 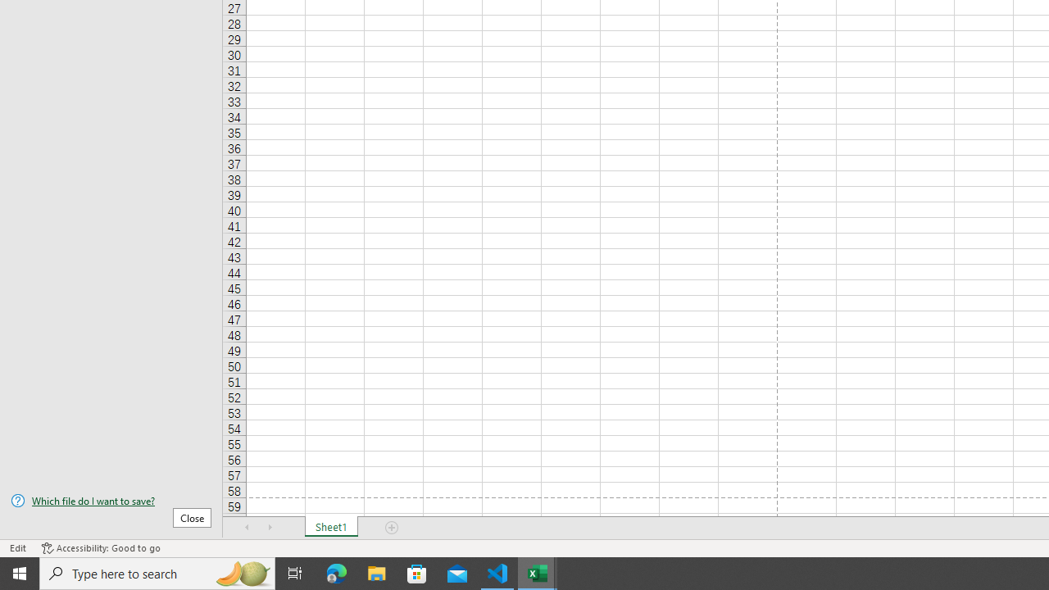 What do you see at coordinates (192, 517) in the screenshot?
I see `'Close'` at bounding box center [192, 517].